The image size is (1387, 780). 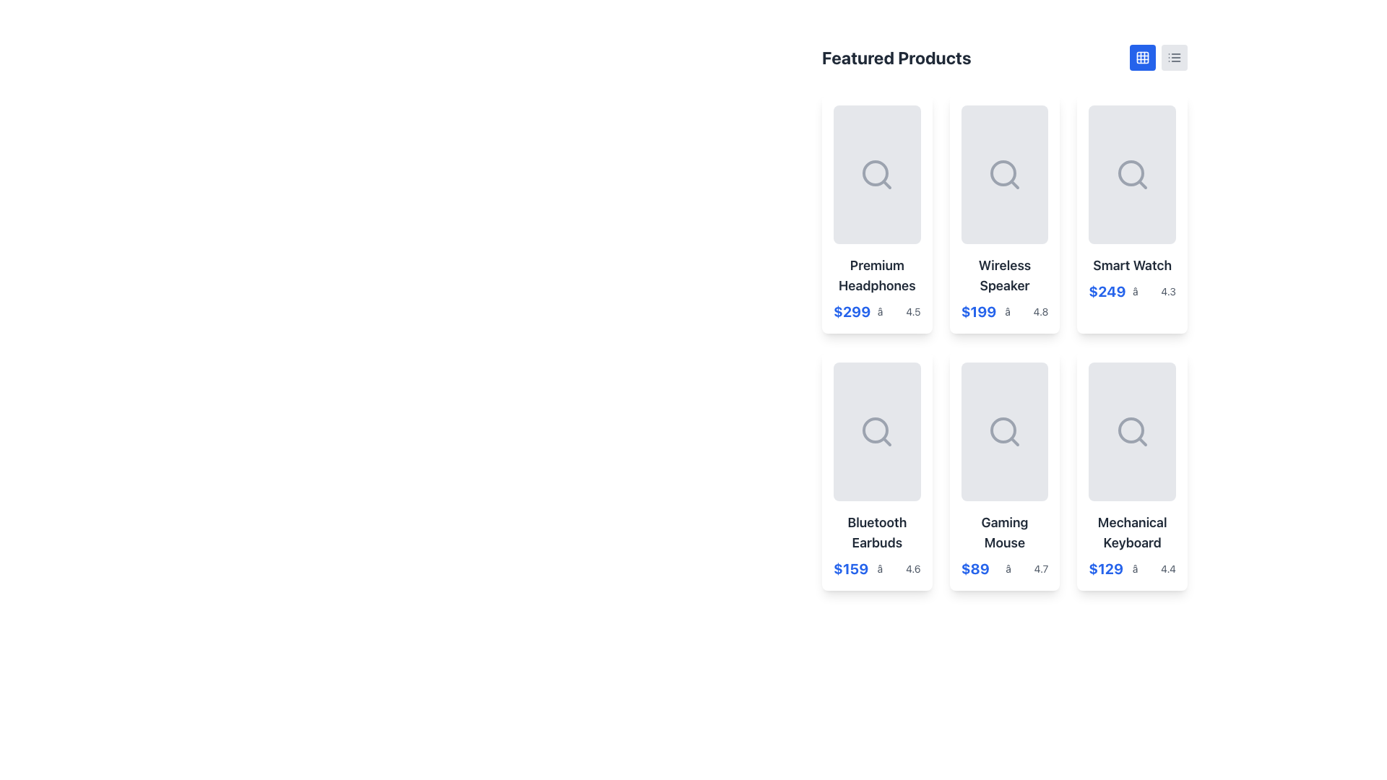 What do you see at coordinates (876, 430) in the screenshot?
I see `the image placeholder for the 'Bluetooth Earbuds' item card located in the first section of the second row, first column of the product grid` at bounding box center [876, 430].